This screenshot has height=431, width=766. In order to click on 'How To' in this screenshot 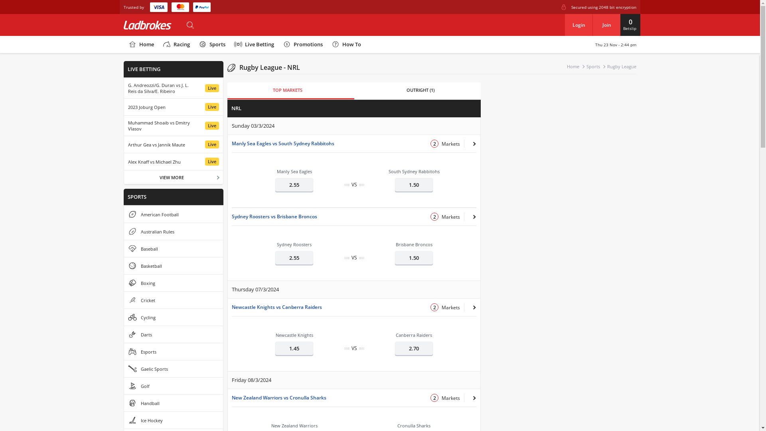, I will do `click(346, 44)`.